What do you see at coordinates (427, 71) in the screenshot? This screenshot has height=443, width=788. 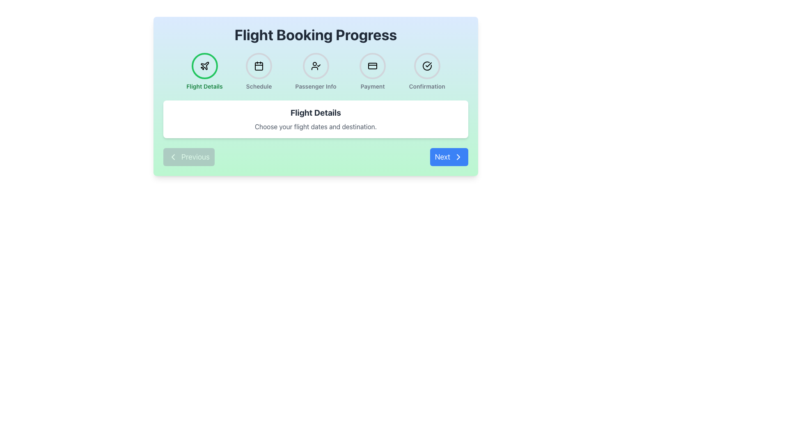 I see `the Process Indicator, which is a circular icon with a checkmark symbol and the text 'Confirmation' displayed beneath it, located at the far right of the process bar` at bounding box center [427, 71].